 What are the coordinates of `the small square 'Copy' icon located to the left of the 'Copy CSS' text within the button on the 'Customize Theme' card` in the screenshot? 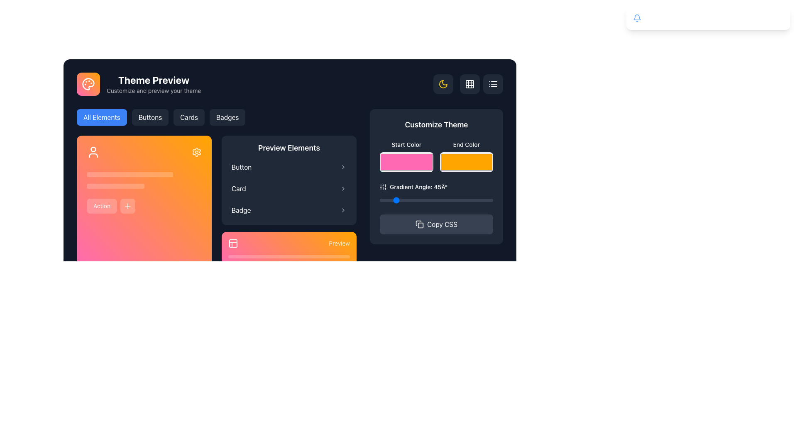 It's located at (420, 224).